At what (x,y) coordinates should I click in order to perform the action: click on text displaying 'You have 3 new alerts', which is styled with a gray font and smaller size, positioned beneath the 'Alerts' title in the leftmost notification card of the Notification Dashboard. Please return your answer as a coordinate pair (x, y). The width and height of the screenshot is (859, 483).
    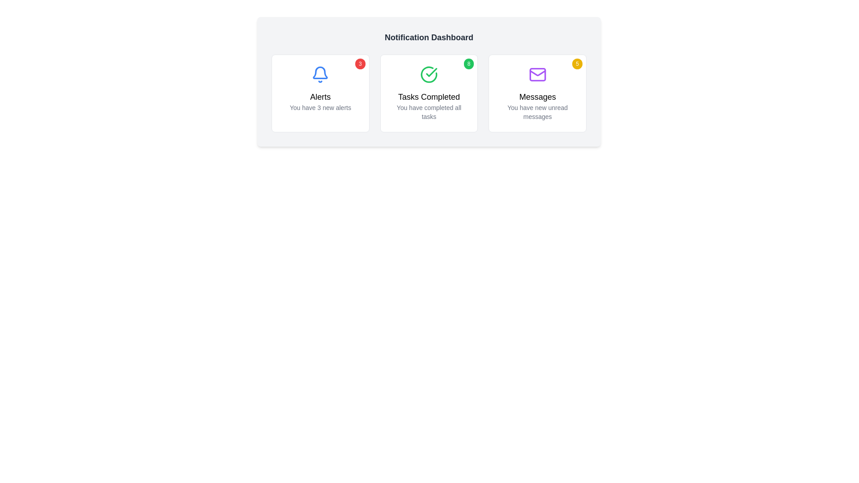
    Looking at the image, I should click on (320, 107).